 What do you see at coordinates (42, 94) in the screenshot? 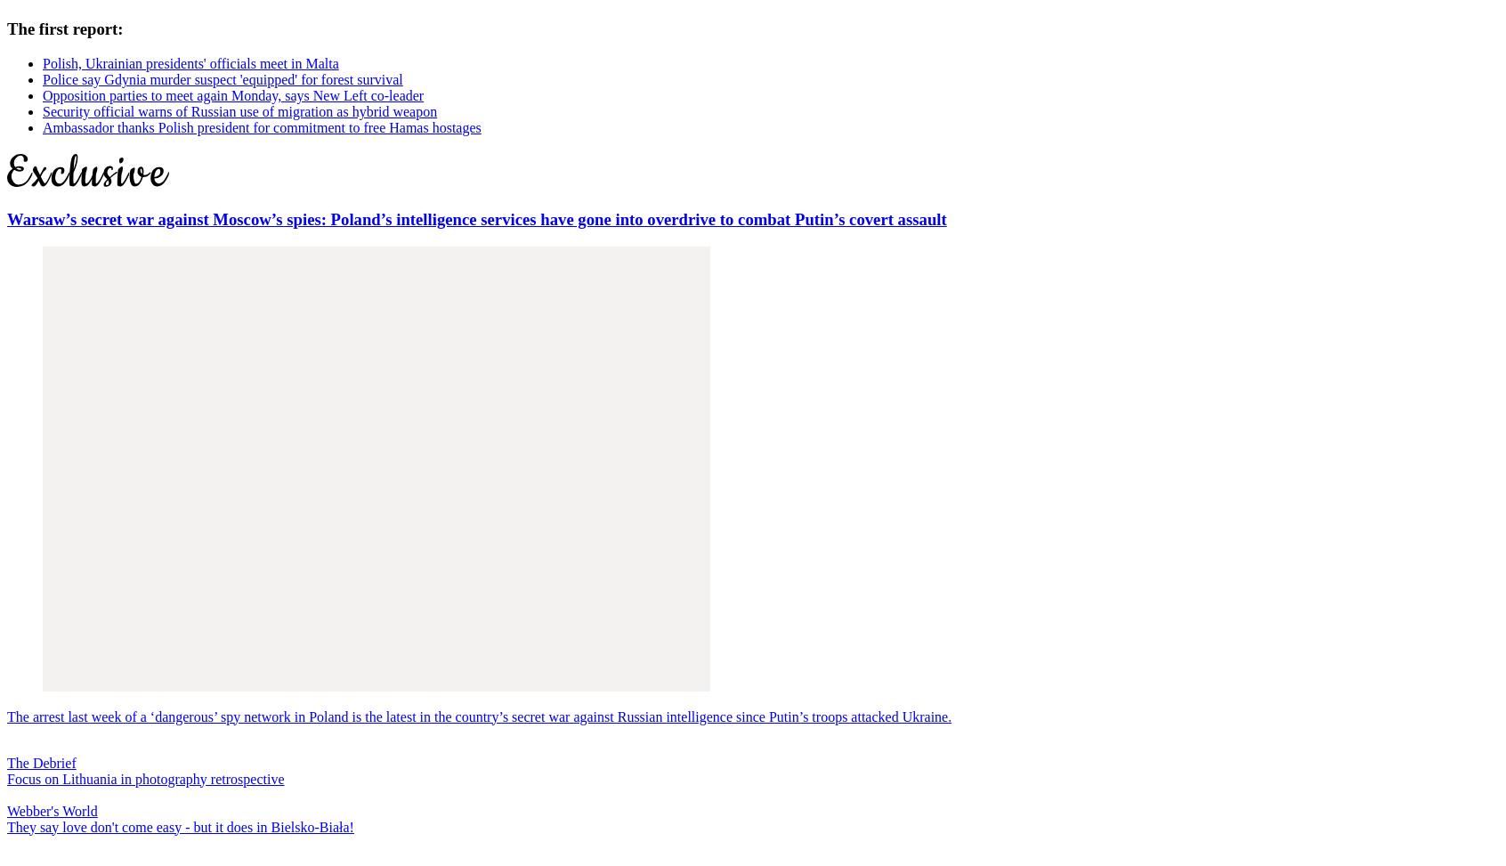
I see `'Opposition parties to meet again Monday, says New Left co-leader'` at bounding box center [42, 94].